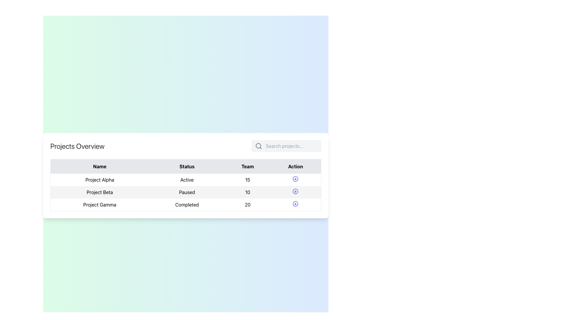 This screenshot has width=569, height=320. Describe the element at coordinates (247, 179) in the screenshot. I see `the Text Label displaying the number '15' in black font located in the 'Team' column of the first row in the table` at that location.